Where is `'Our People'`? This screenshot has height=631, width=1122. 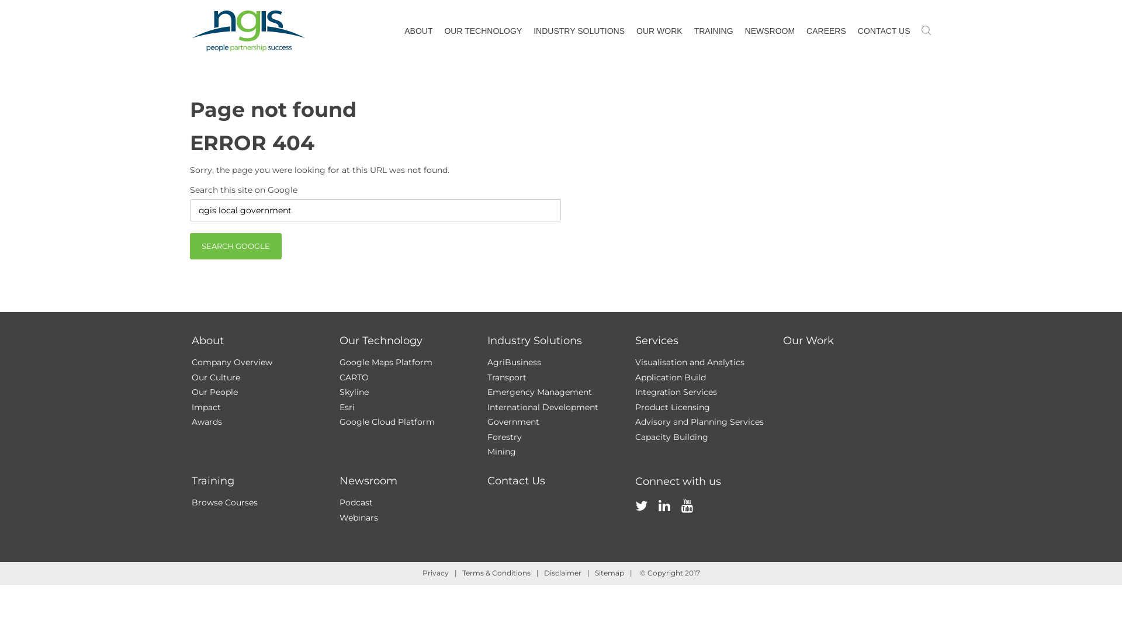
'Our People' is located at coordinates (191, 392).